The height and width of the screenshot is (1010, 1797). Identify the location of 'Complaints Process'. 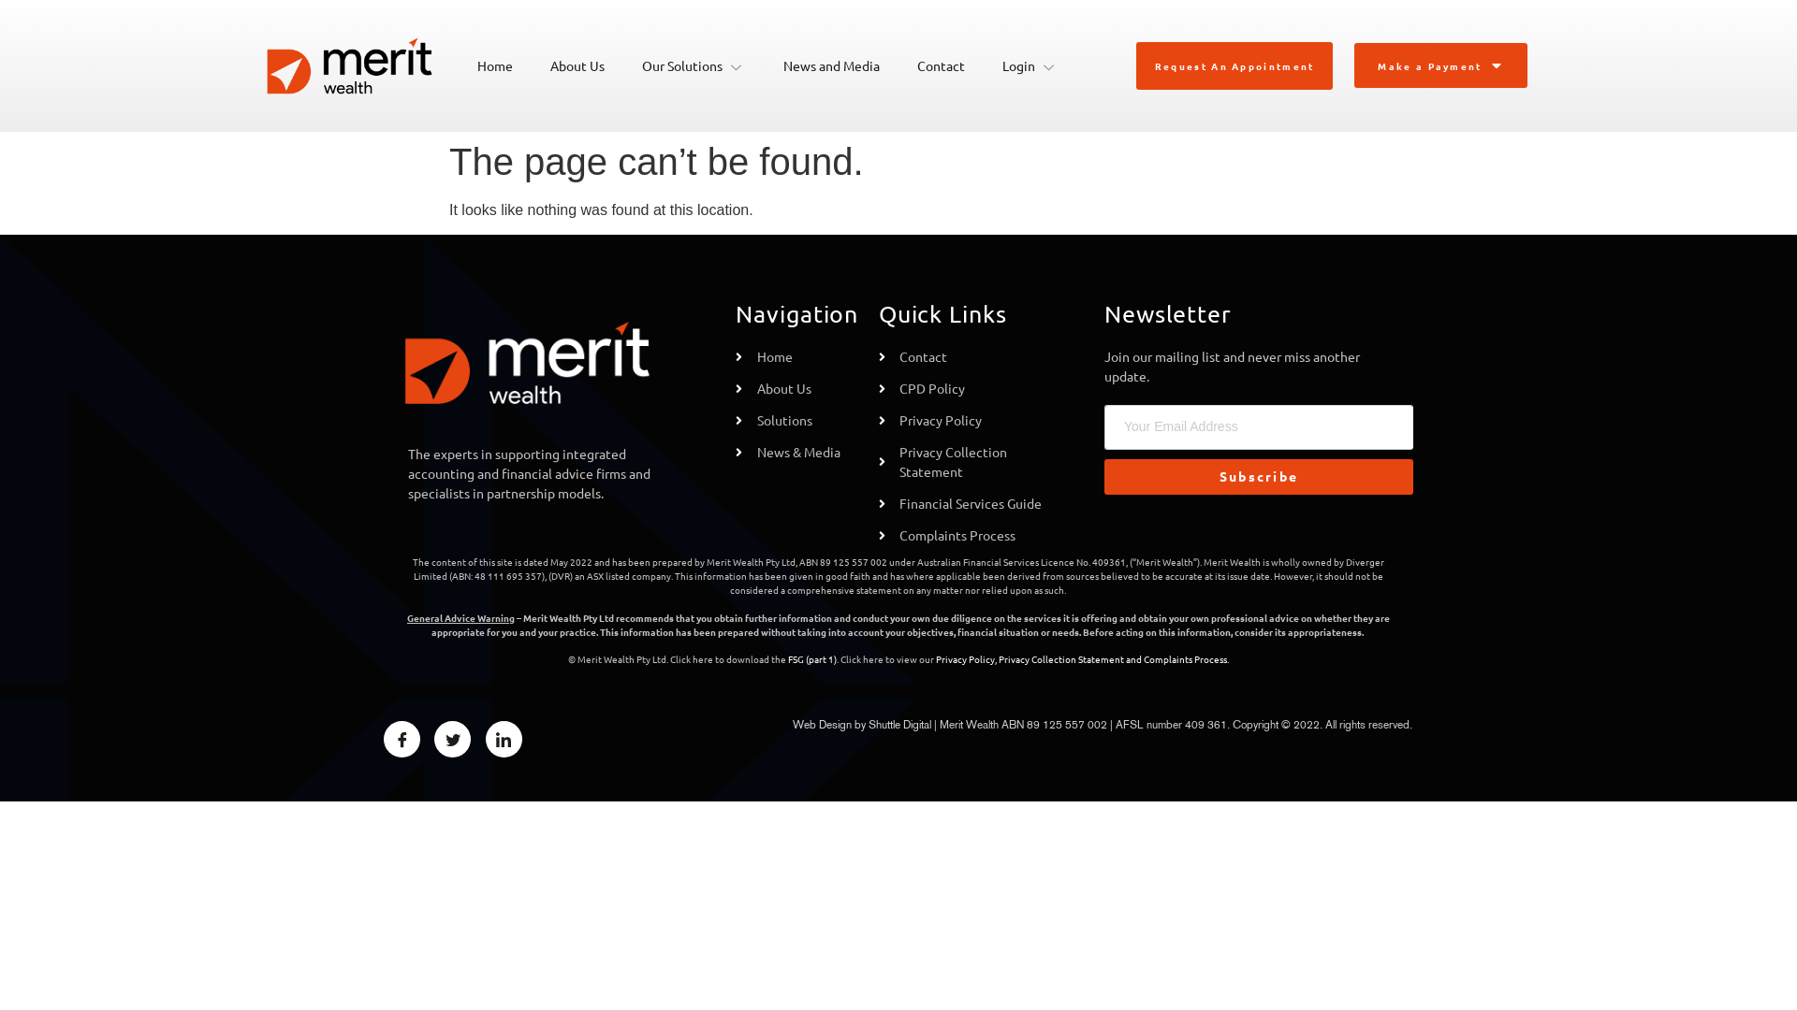
(1184, 657).